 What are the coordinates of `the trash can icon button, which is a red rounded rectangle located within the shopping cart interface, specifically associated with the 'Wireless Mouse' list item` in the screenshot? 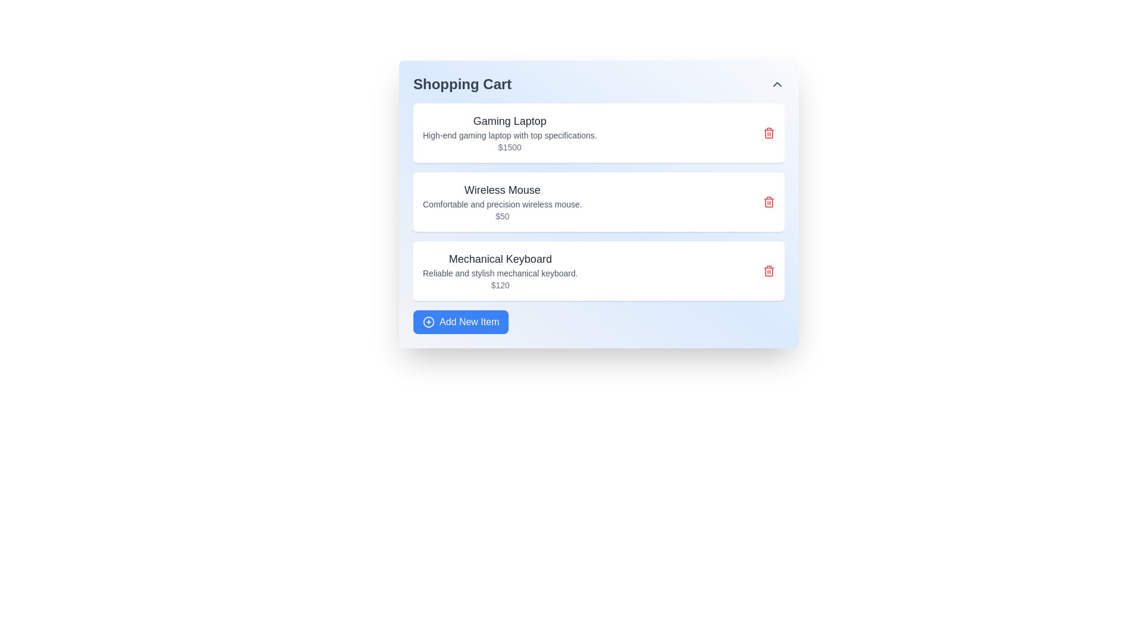 It's located at (768, 202).